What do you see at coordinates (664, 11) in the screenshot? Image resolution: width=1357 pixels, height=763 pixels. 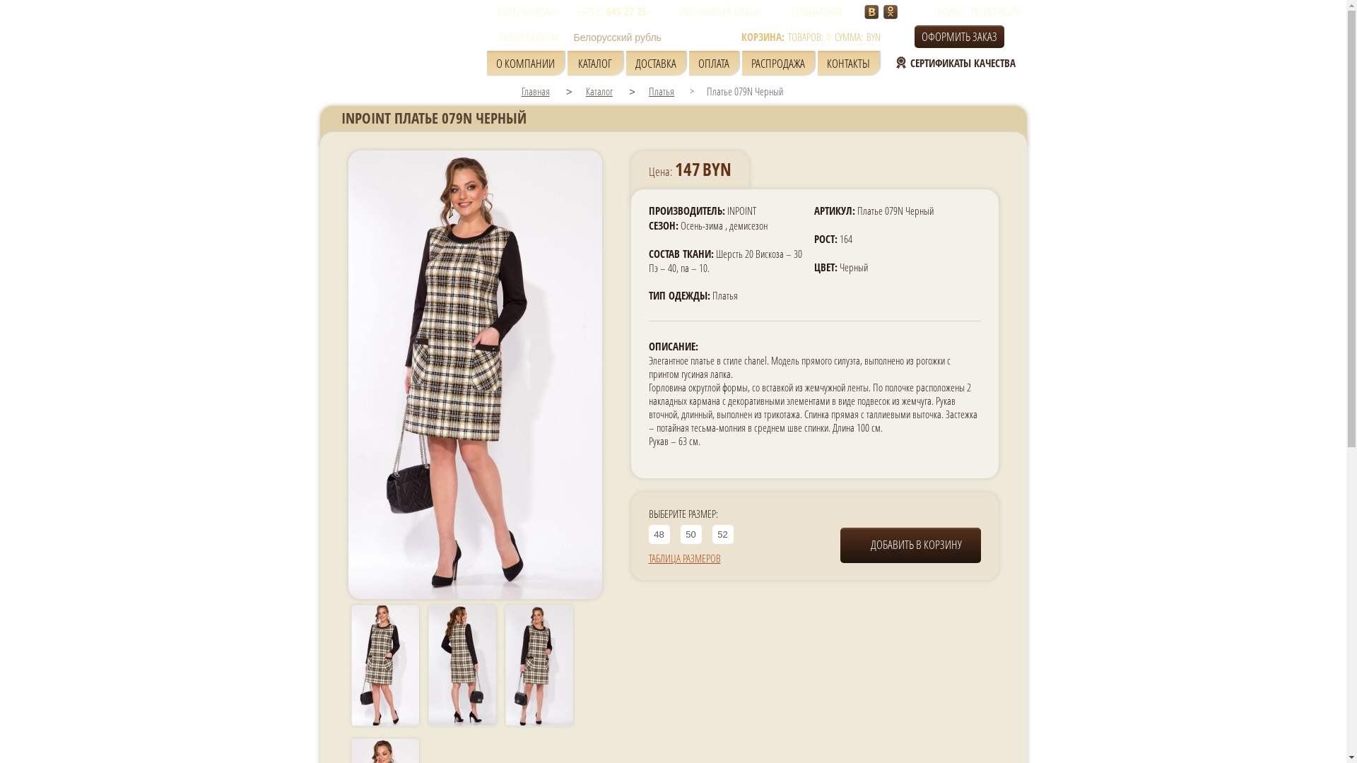 I see `'INFO@FABRIKA-MOD.BY'` at bounding box center [664, 11].